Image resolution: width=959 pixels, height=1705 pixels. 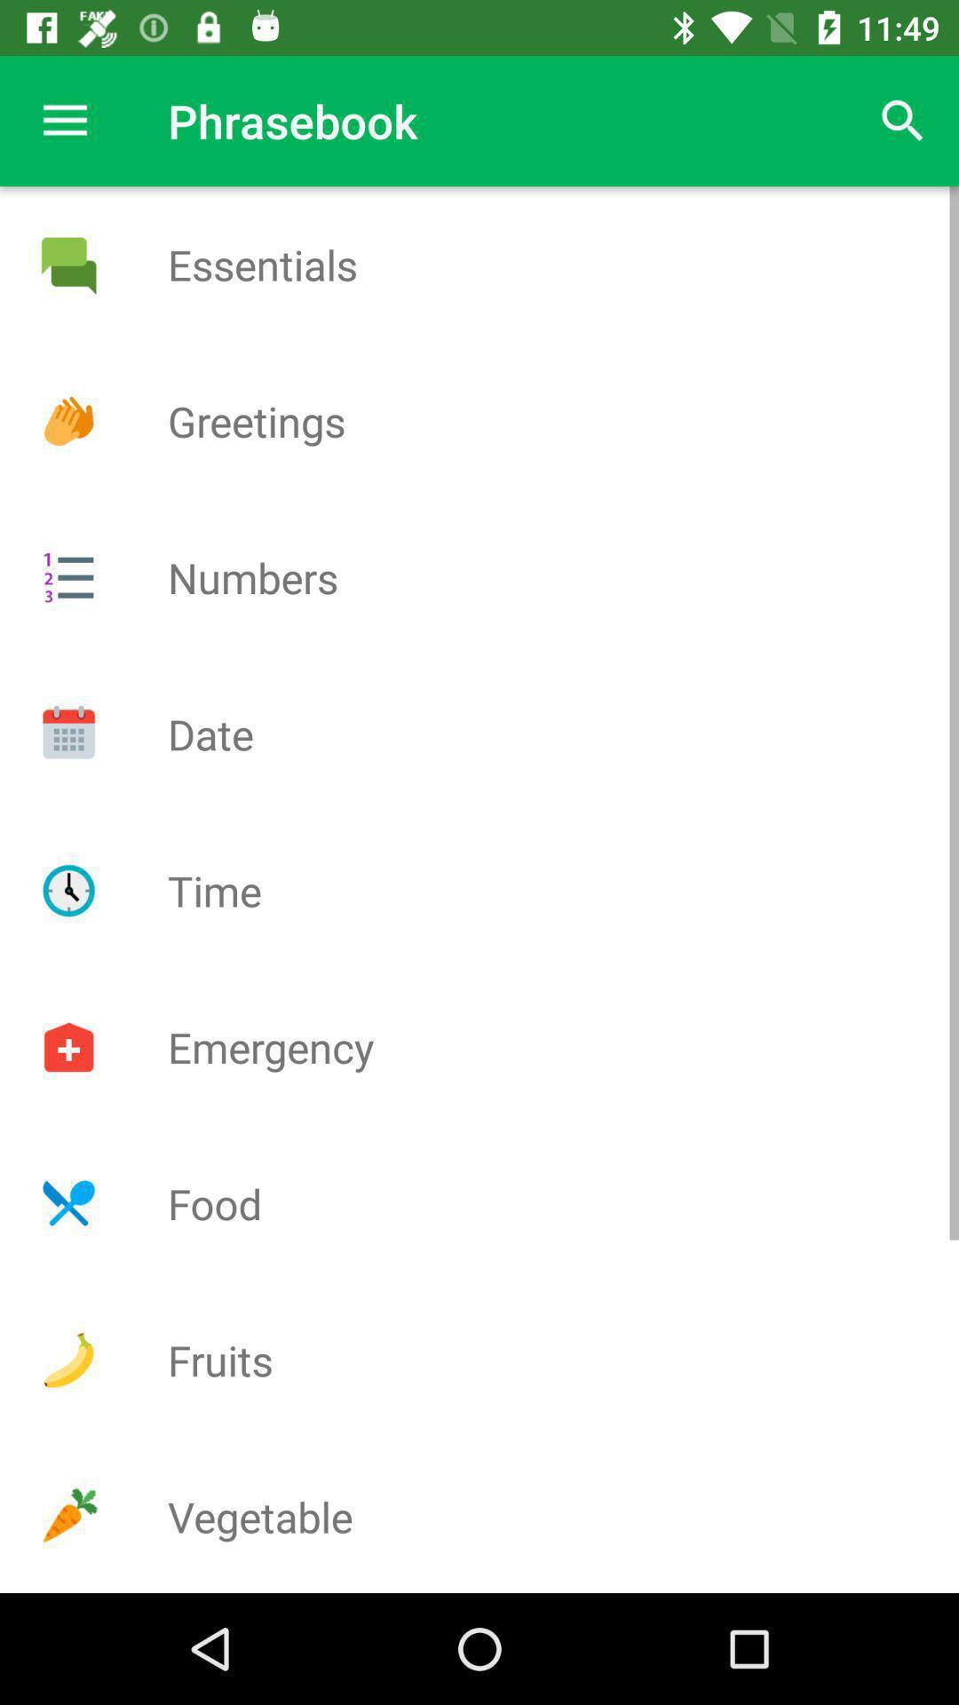 I want to click on greetings, so click(x=67, y=420).